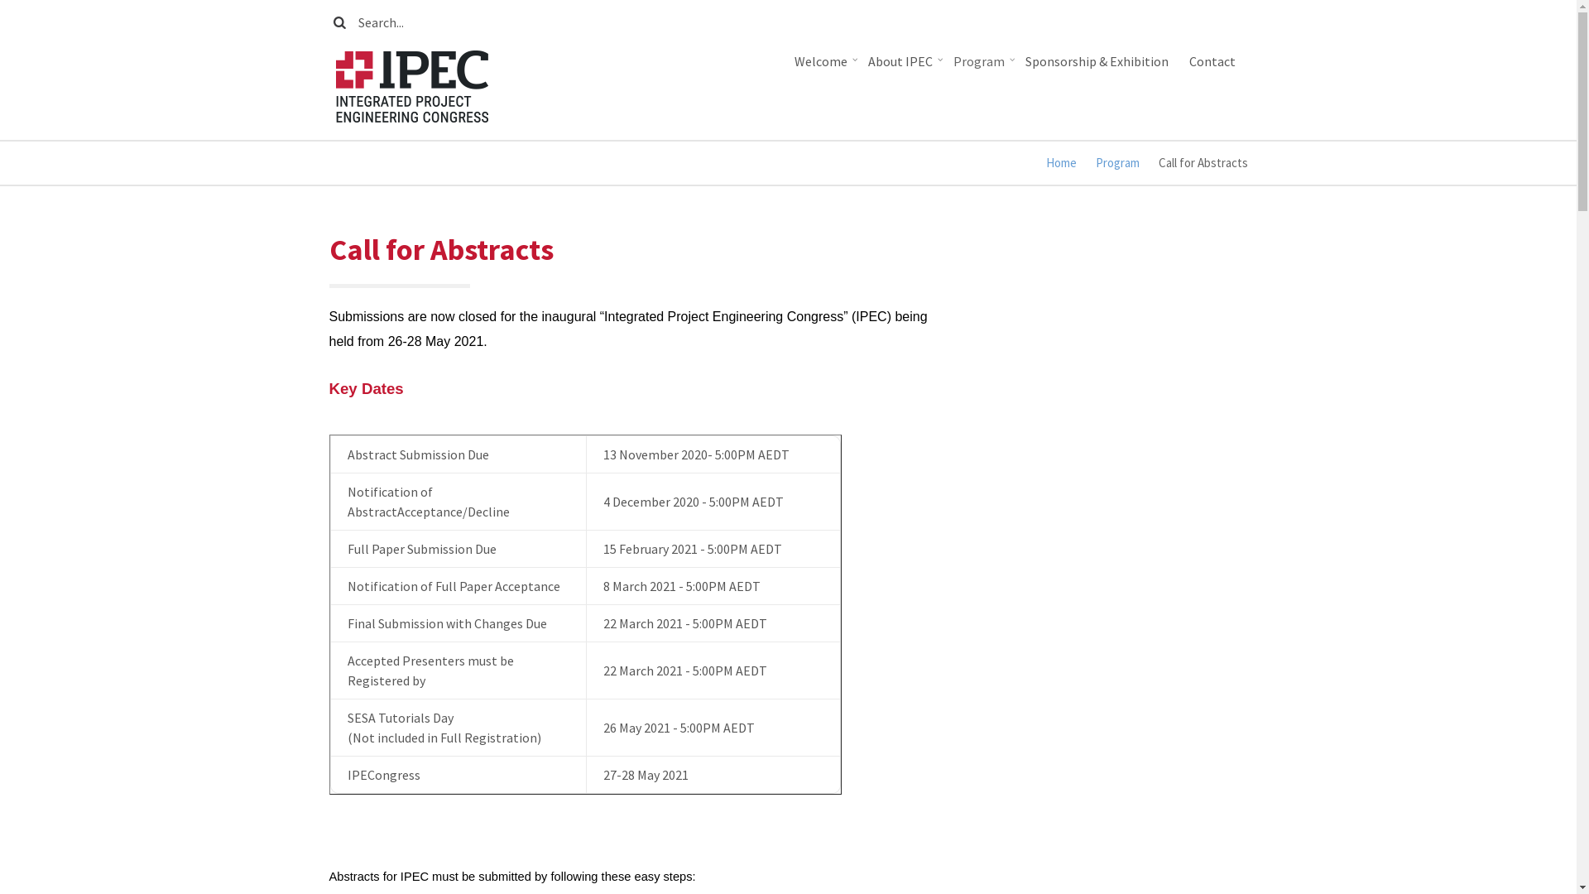 The image size is (1589, 894). Describe the element at coordinates (802, 22) in the screenshot. I see `'Enter the terms you wish to search for.'` at that location.